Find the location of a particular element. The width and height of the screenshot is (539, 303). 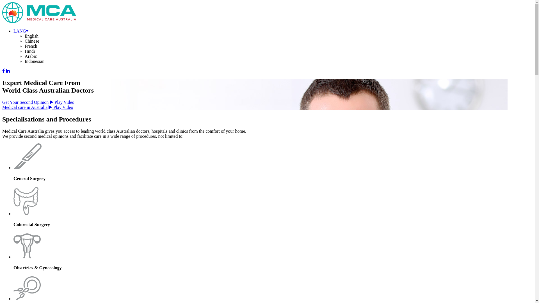

'English' is located at coordinates (24, 36).